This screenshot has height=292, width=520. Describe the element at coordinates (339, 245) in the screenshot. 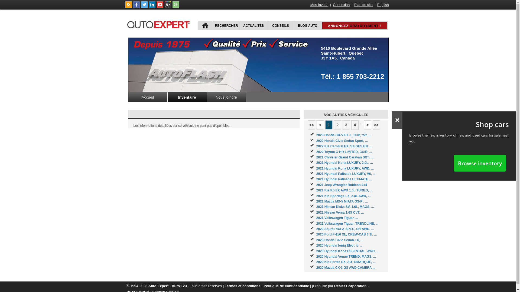

I see `'2020 Hyundai Ioniq Electric ...'` at that location.